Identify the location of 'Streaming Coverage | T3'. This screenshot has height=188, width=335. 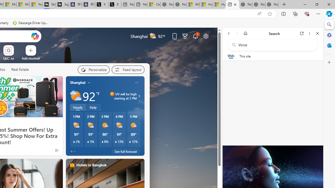
(49, 4).